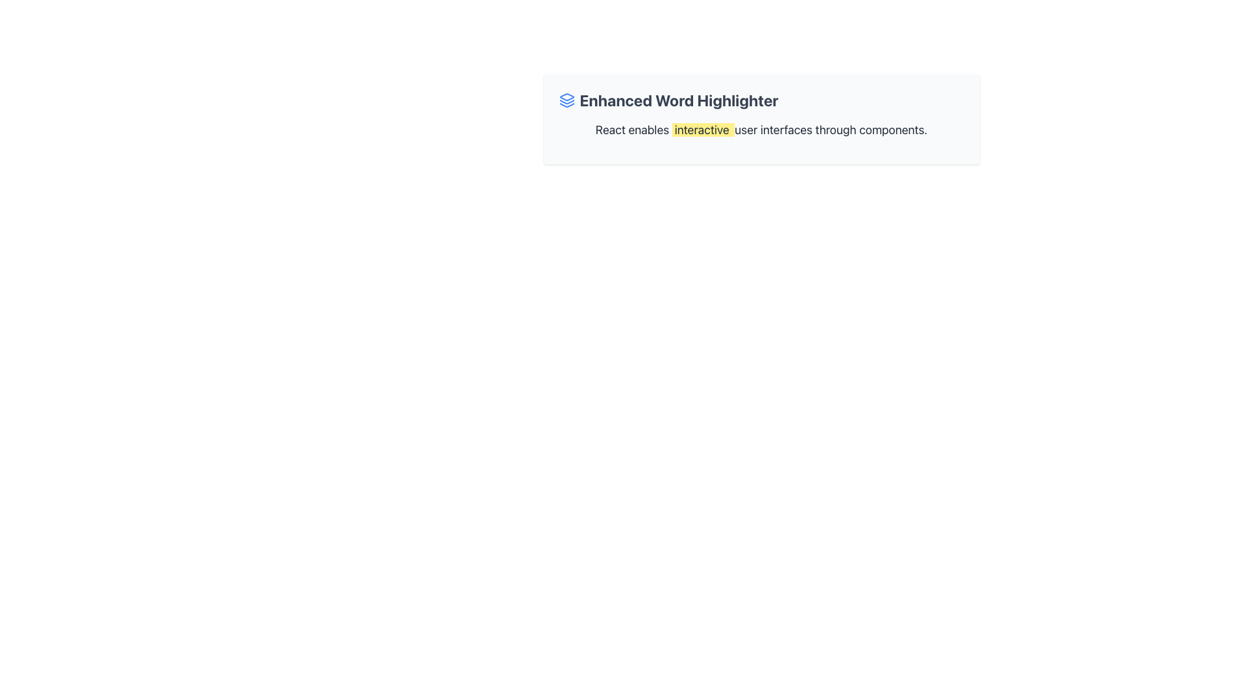 This screenshot has width=1246, height=700. What do you see at coordinates (567, 99) in the screenshot?
I see `the blue stack of layers icon located on the left side of the 'Enhanced Word Highlighter' header text` at bounding box center [567, 99].